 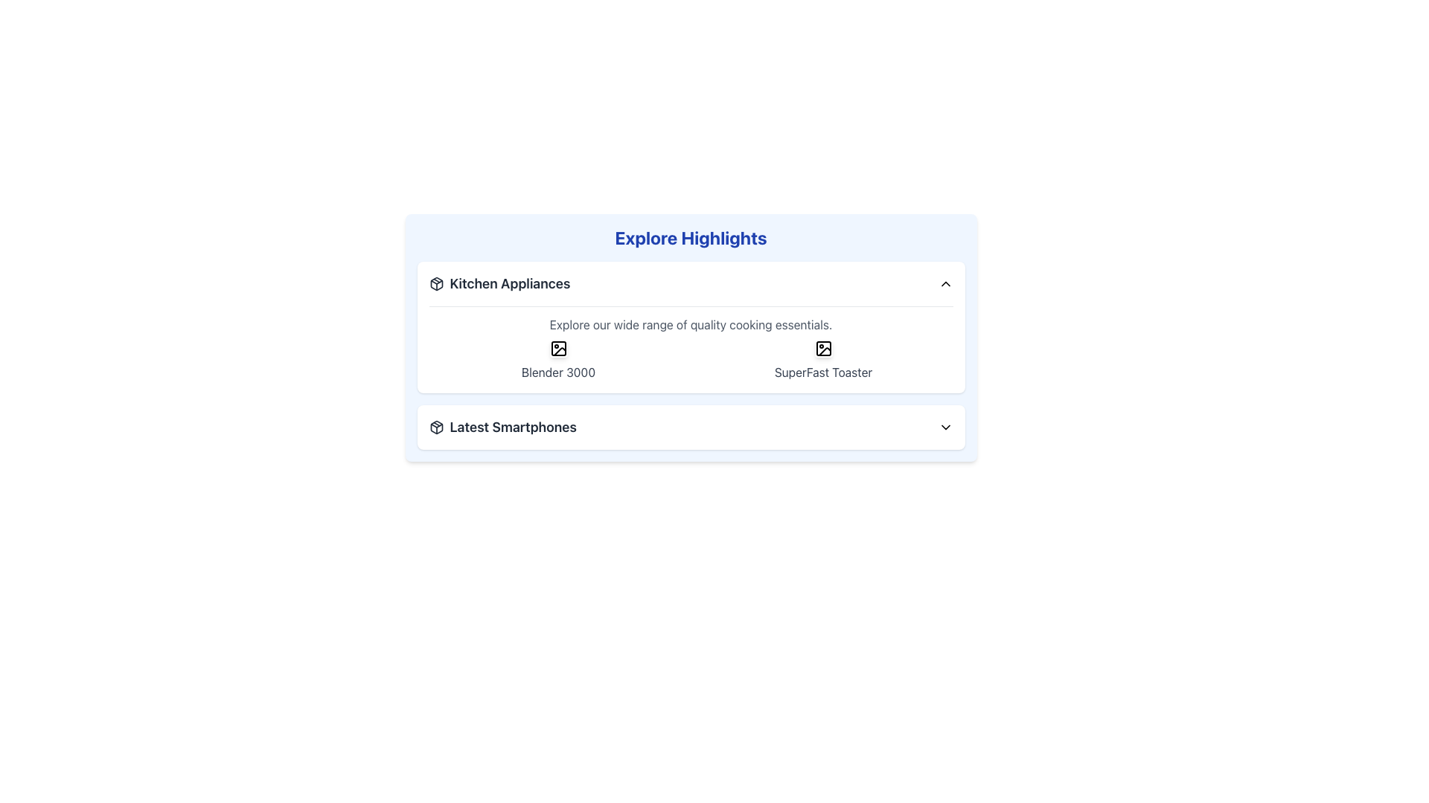 I want to click on the downwards-facing chevron-shaped icon located to the right of the text 'Latest Smartphones', so click(x=944, y=427).